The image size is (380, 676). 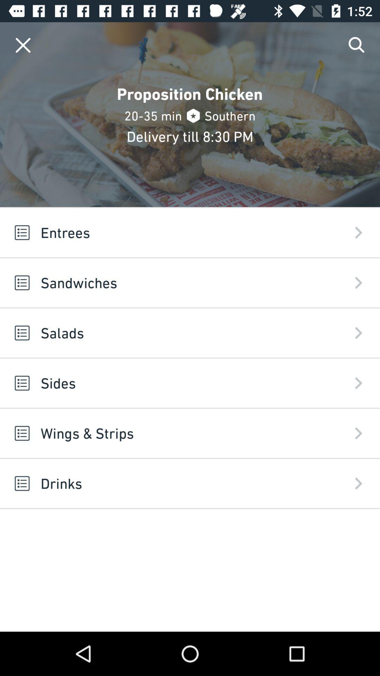 I want to click on the icon at the top left corner, so click(x=23, y=45).